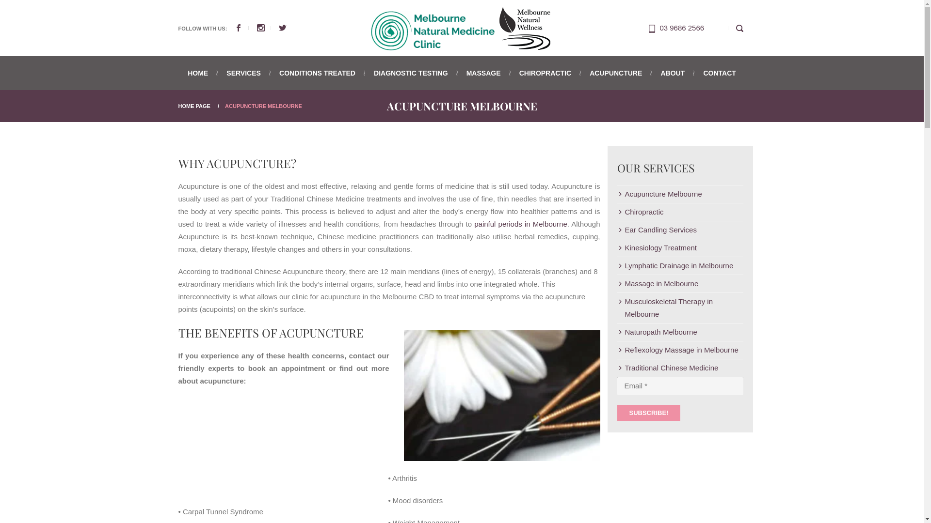 Image resolution: width=931 pixels, height=523 pixels. What do you see at coordinates (657, 332) in the screenshot?
I see `'Naturopath Melbourne'` at bounding box center [657, 332].